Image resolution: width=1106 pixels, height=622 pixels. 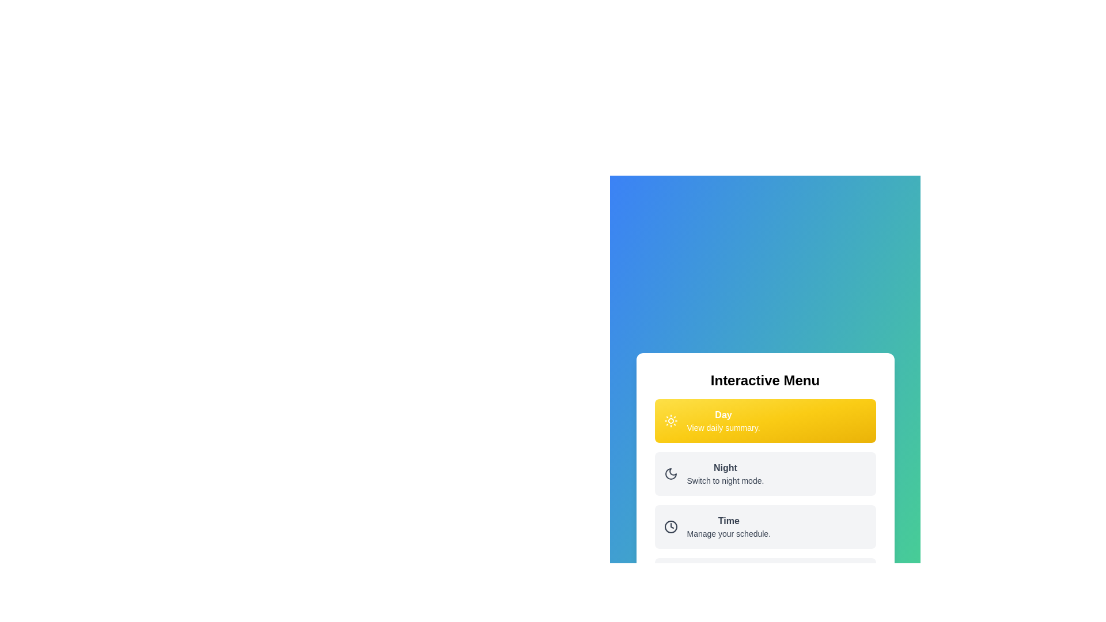 What do you see at coordinates (765, 473) in the screenshot?
I see `the menu option Night to see its hover effect` at bounding box center [765, 473].